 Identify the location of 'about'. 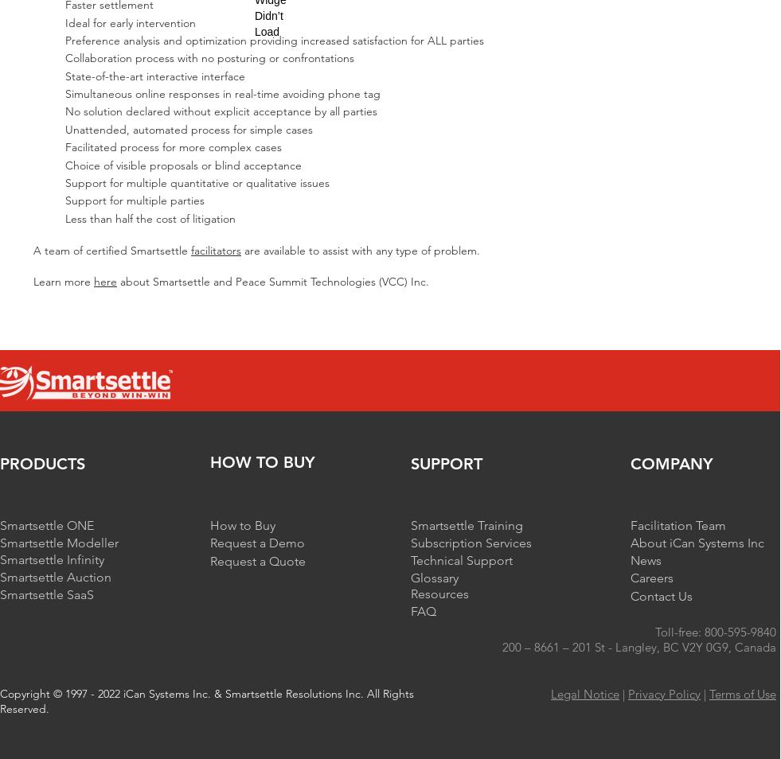
(134, 280).